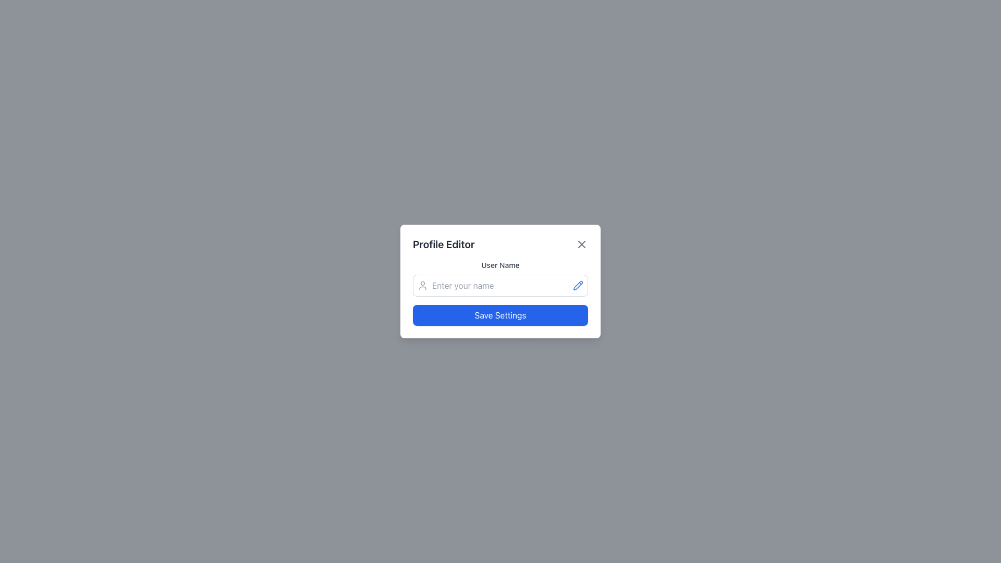  What do you see at coordinates (581, 244) in the screenshot?
I see `the stylized cross icon in the top-right corner of the 'Profile Editor' dialog` at bounding box center [581, 244].